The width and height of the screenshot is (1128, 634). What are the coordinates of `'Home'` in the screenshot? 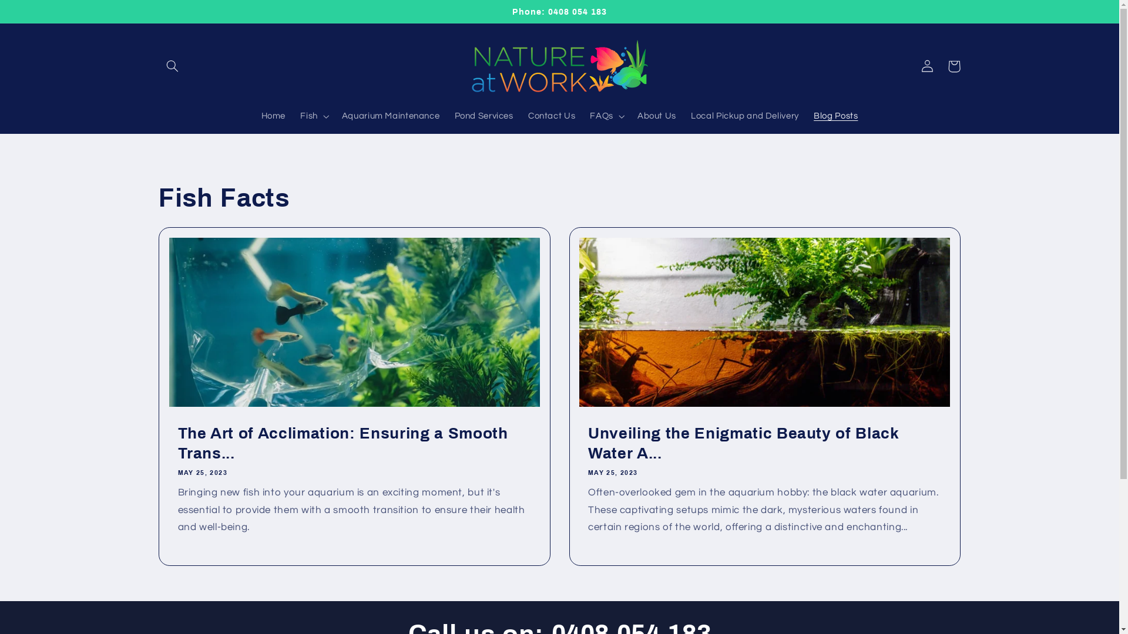 It's located at (273, 116).